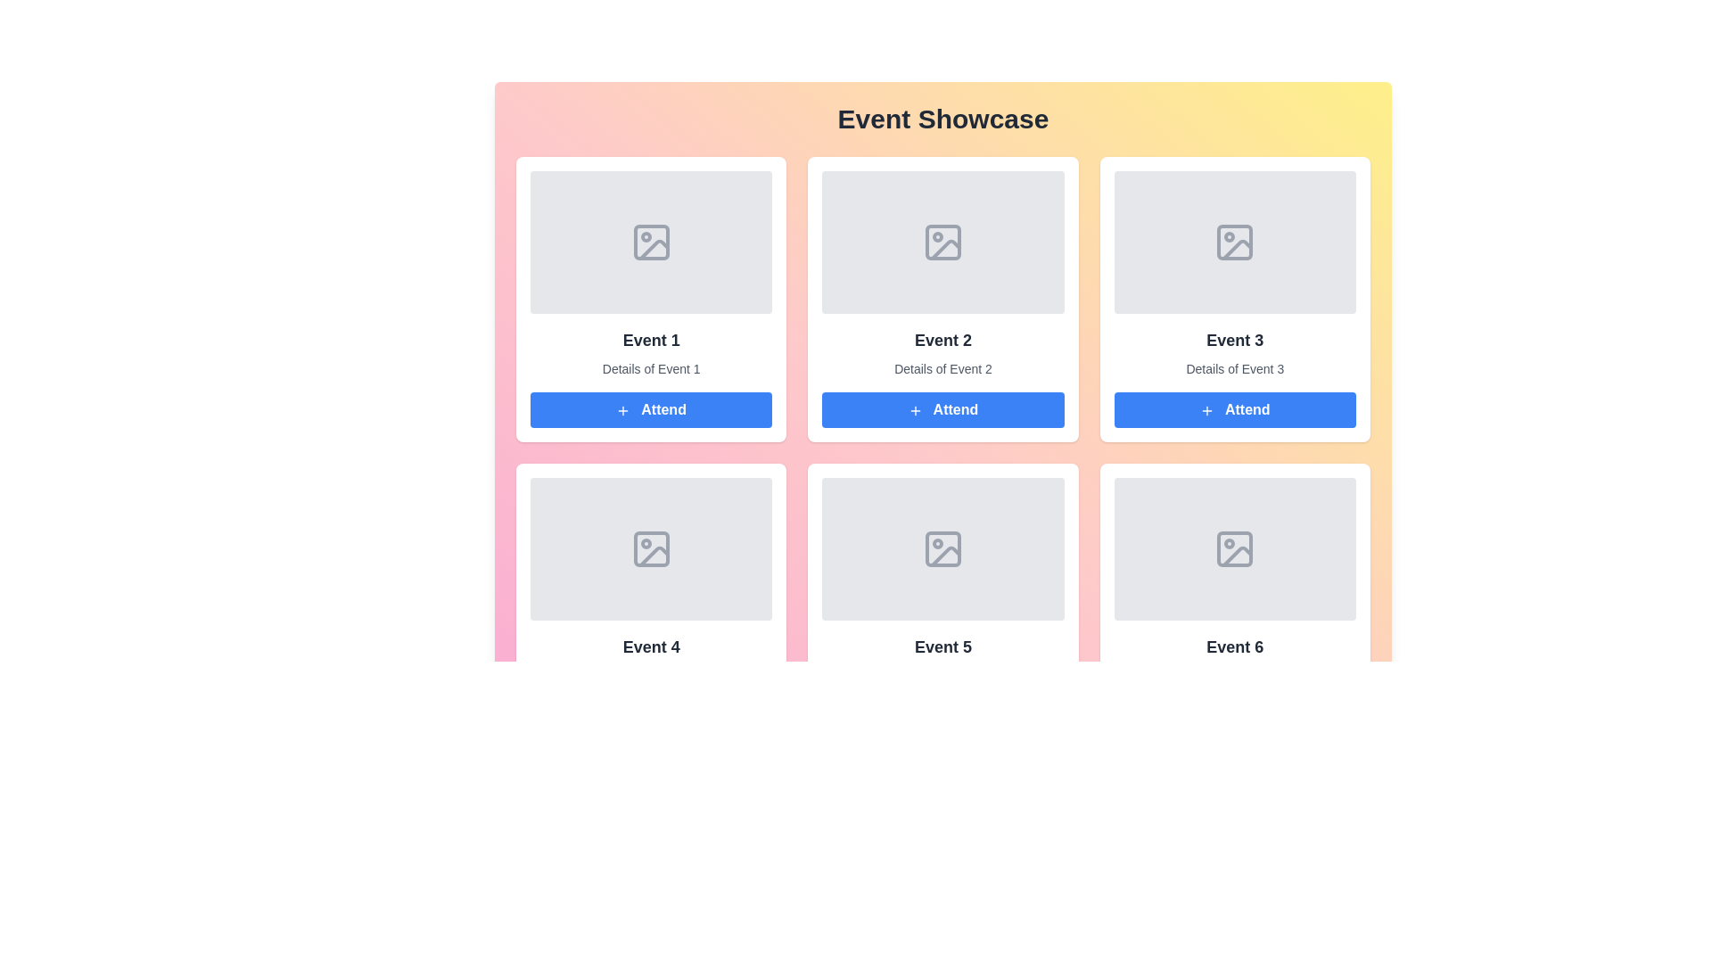 This screenshot has width=1712, height=963. What do you see at coordinates (1234, 340) in the screenshot?
I see `the text label displaying the title of 'Event 3', which is the third label in the first row of the grid layout, located above 'Details of Event 3'` at bounding box center [1234, 340].